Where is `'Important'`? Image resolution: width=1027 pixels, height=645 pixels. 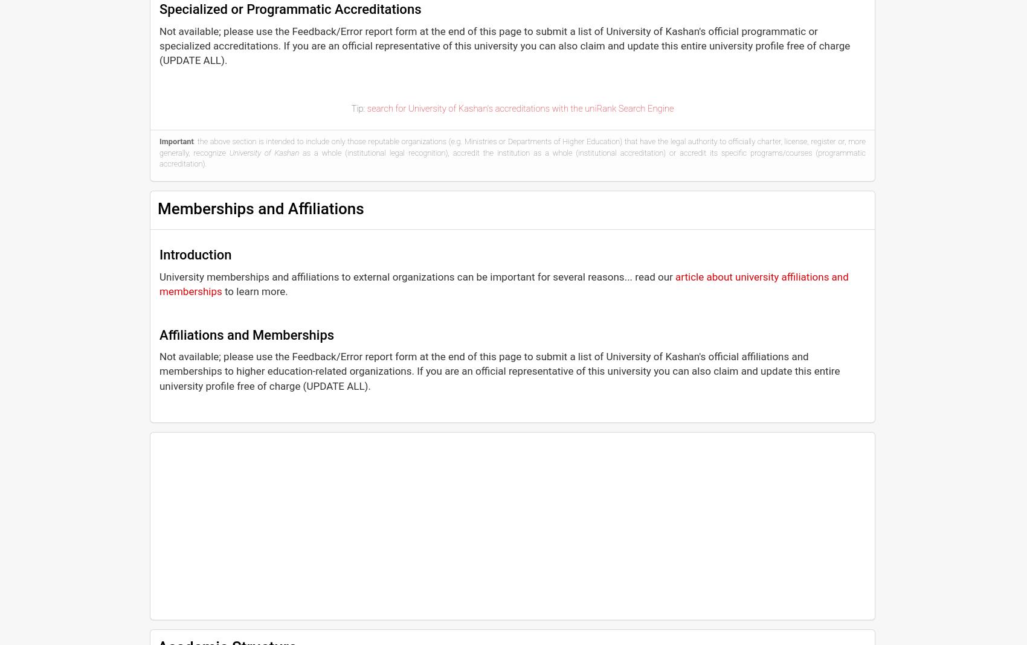 'Important' is located at coordinates (176, 141).